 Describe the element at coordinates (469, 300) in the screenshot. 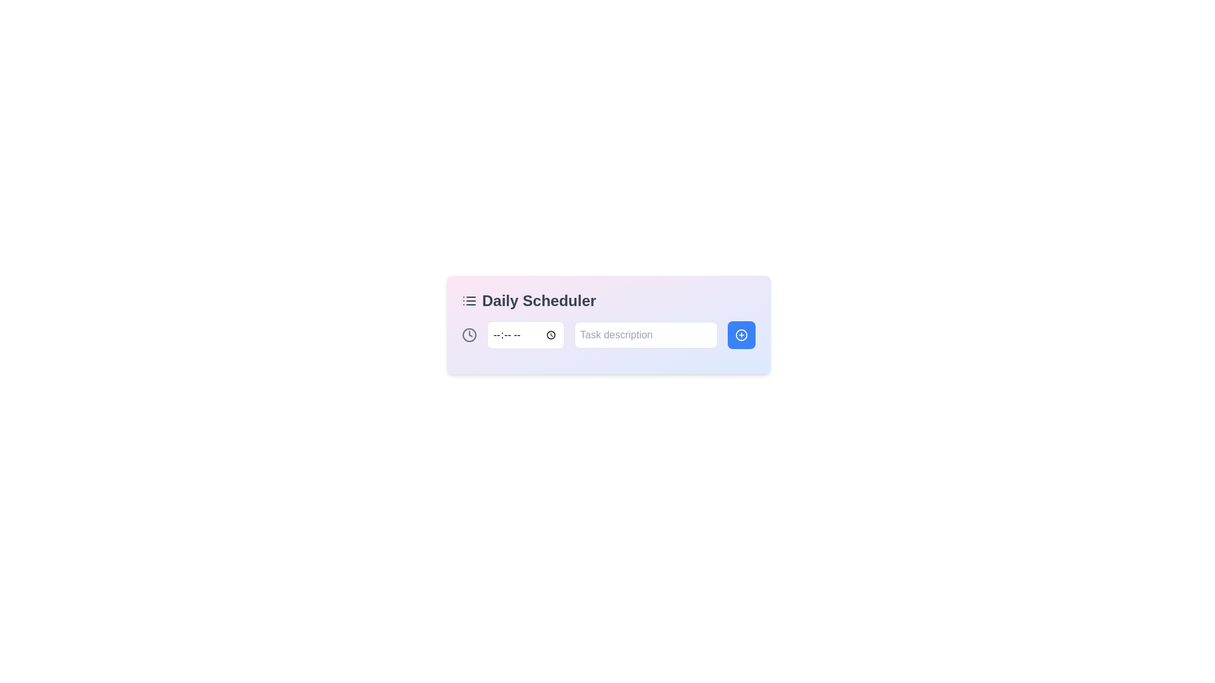

I see `the icon representing the list or scheduling functionality located to the left of the 'Daily Scheduler' text in the header area of the scheduler pane` at that location.